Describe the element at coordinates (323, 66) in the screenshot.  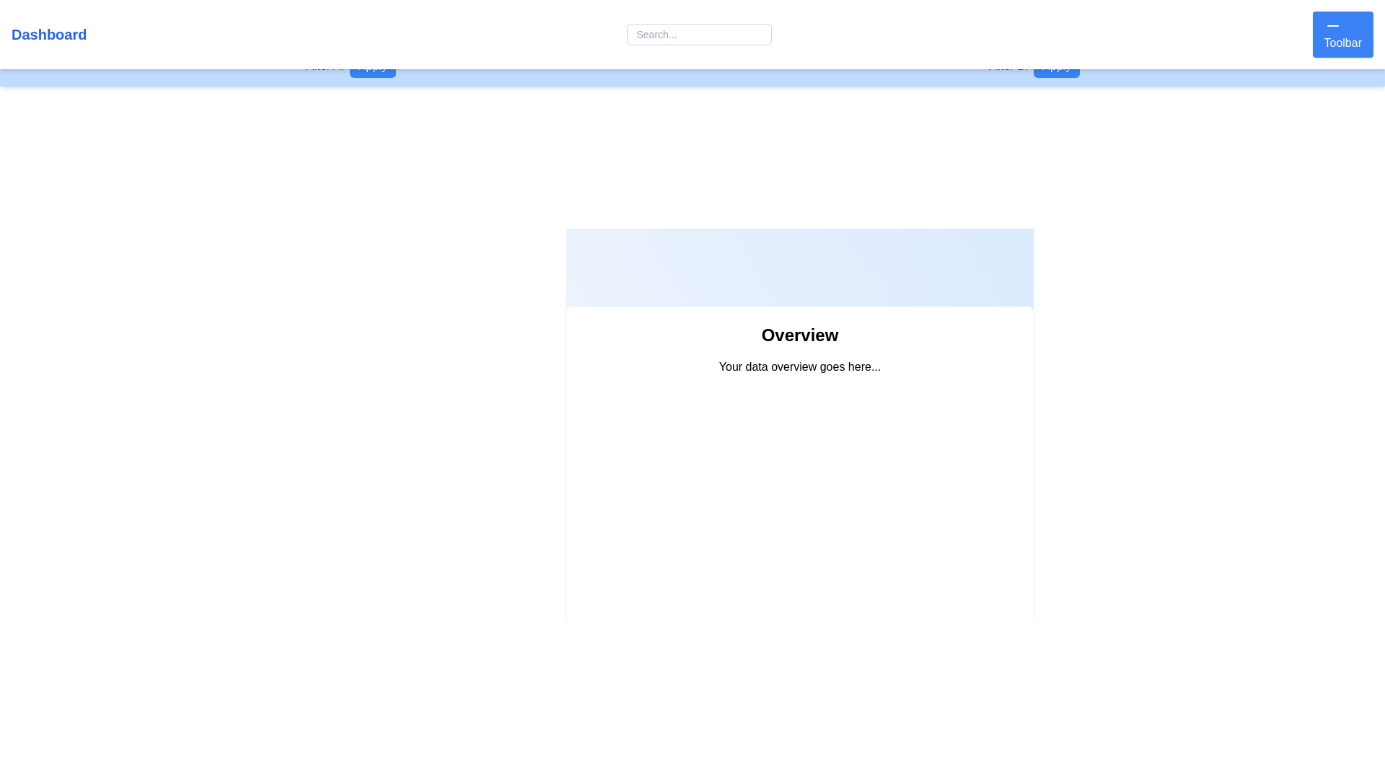
I see `the static text label on the blue status bar that provides a descriptor for related filter actions, located to the left of the 'Apply' button` at that location.